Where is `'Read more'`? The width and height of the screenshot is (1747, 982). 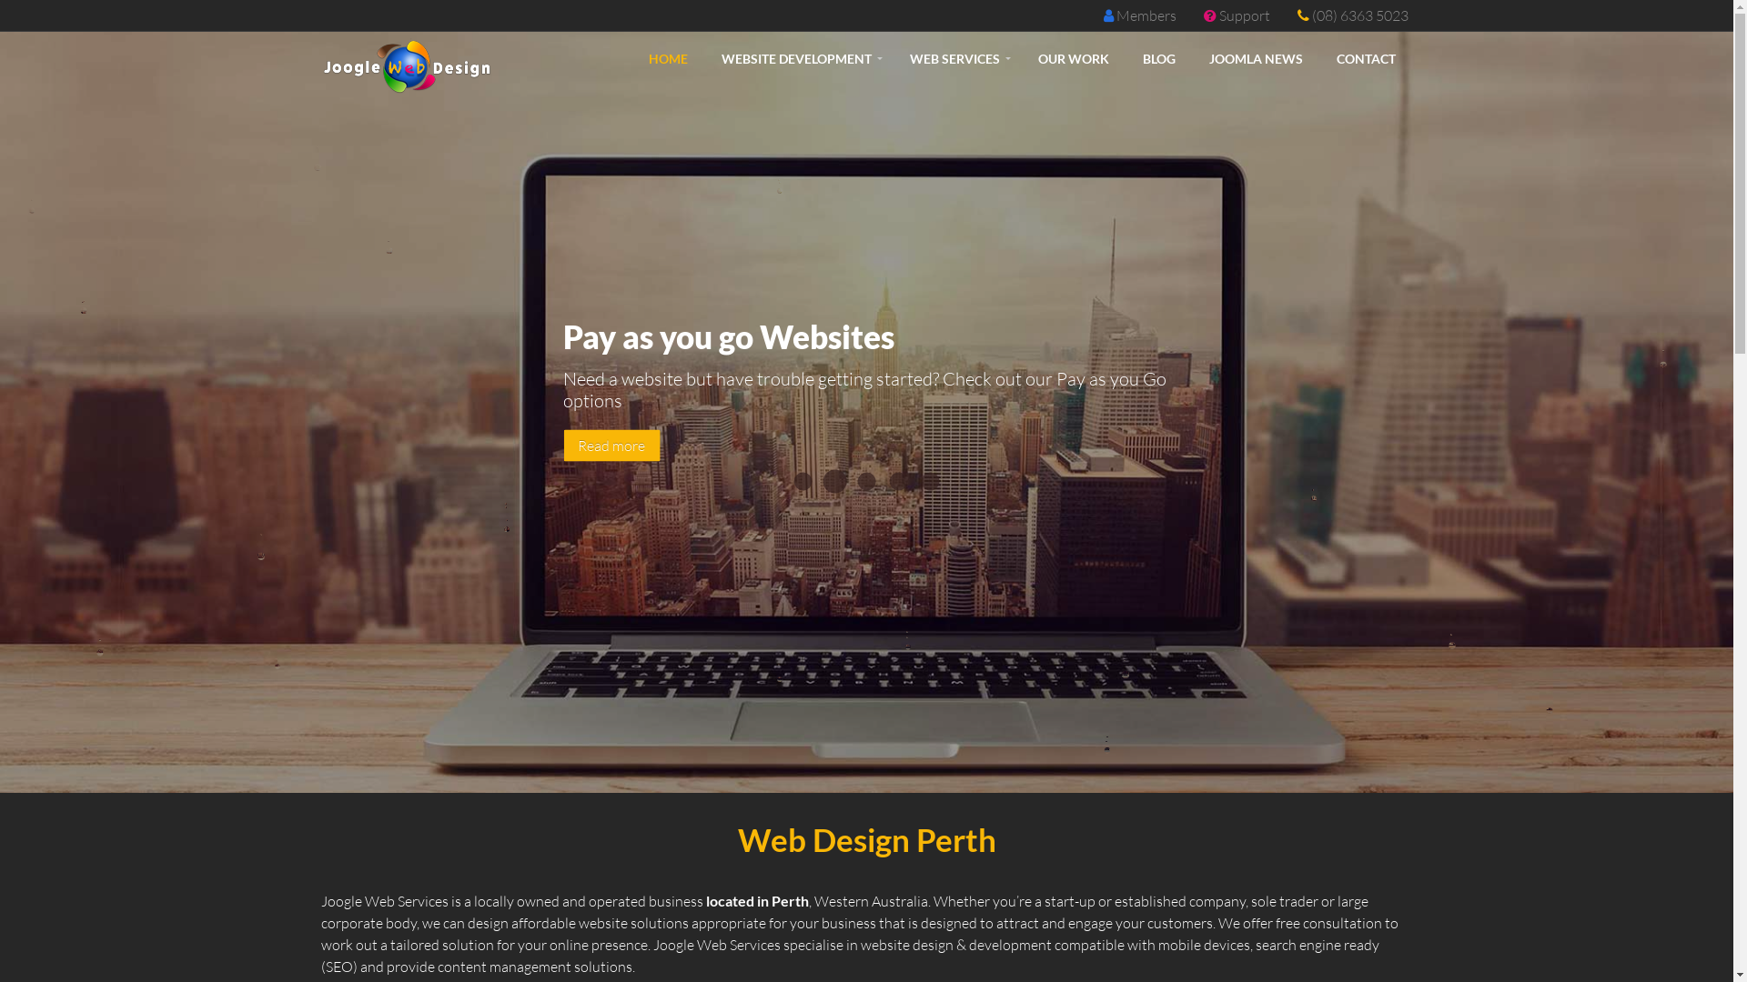 'Read more' is located at coordinates (611, 445).